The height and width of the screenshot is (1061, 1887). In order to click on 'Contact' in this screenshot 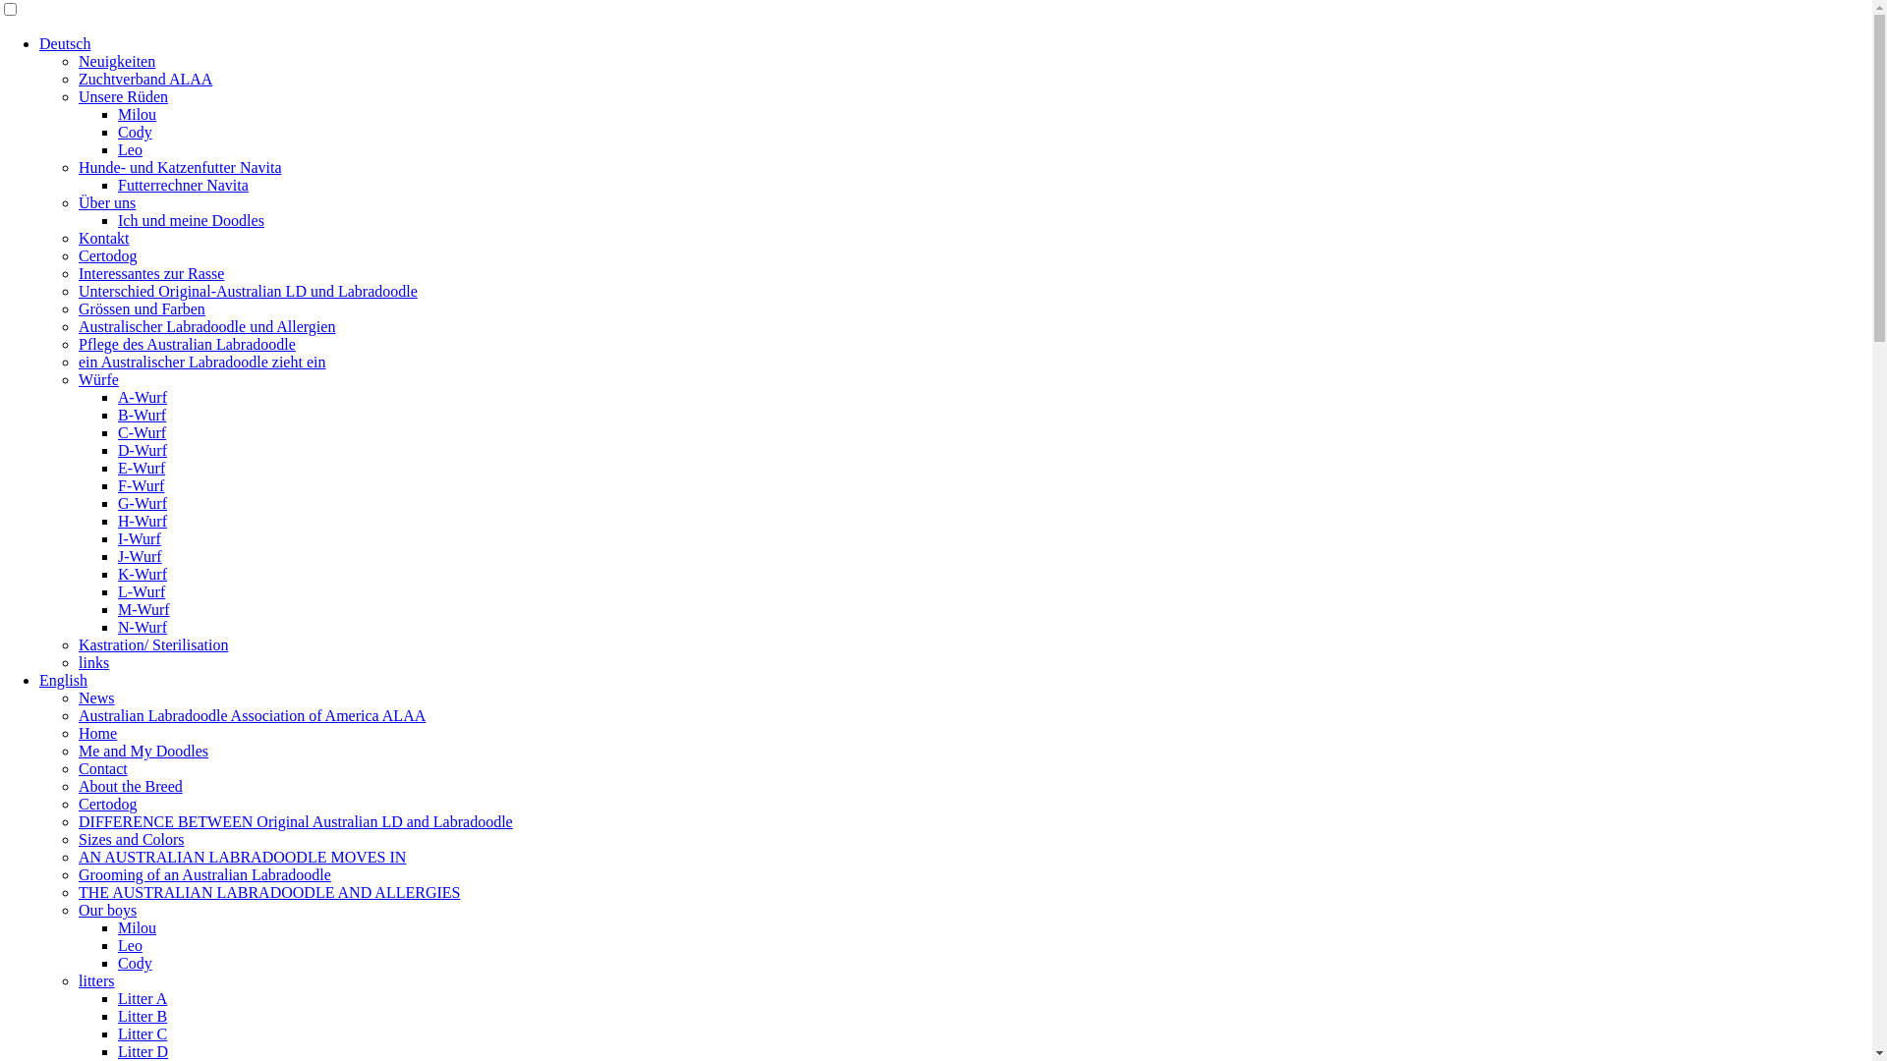, I will do `click(79, 767)`.